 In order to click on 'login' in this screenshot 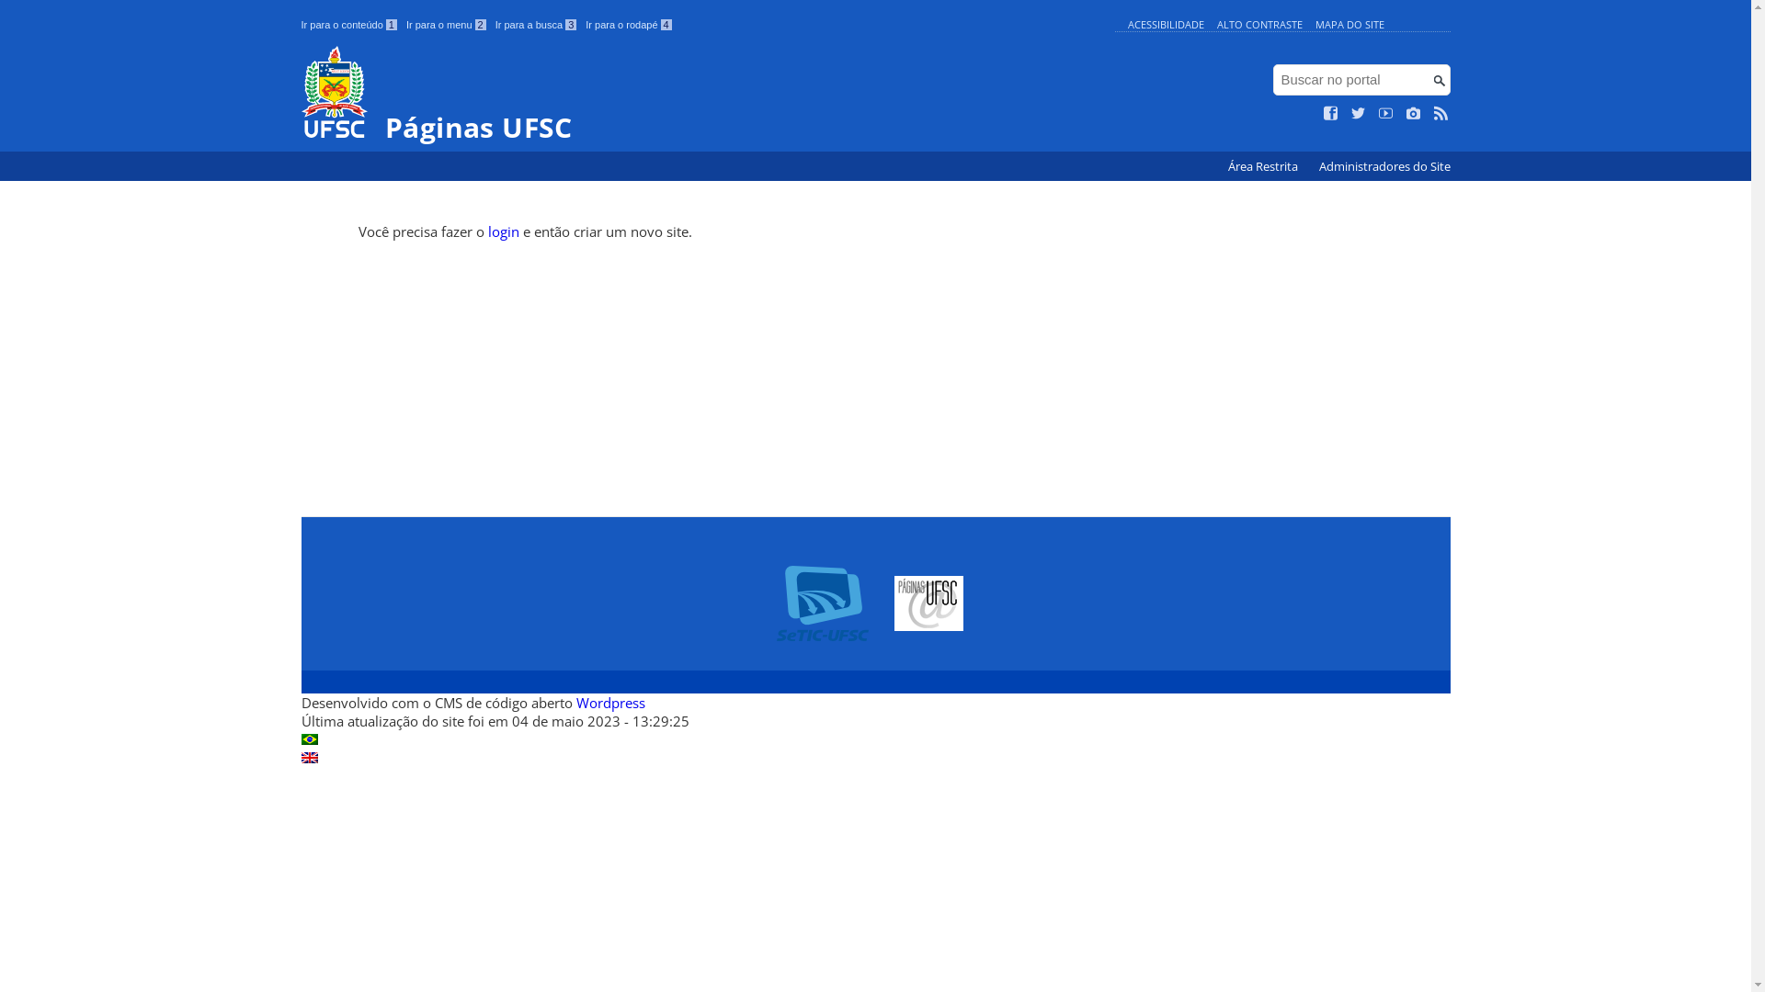, I will do `click(488, 230)`.